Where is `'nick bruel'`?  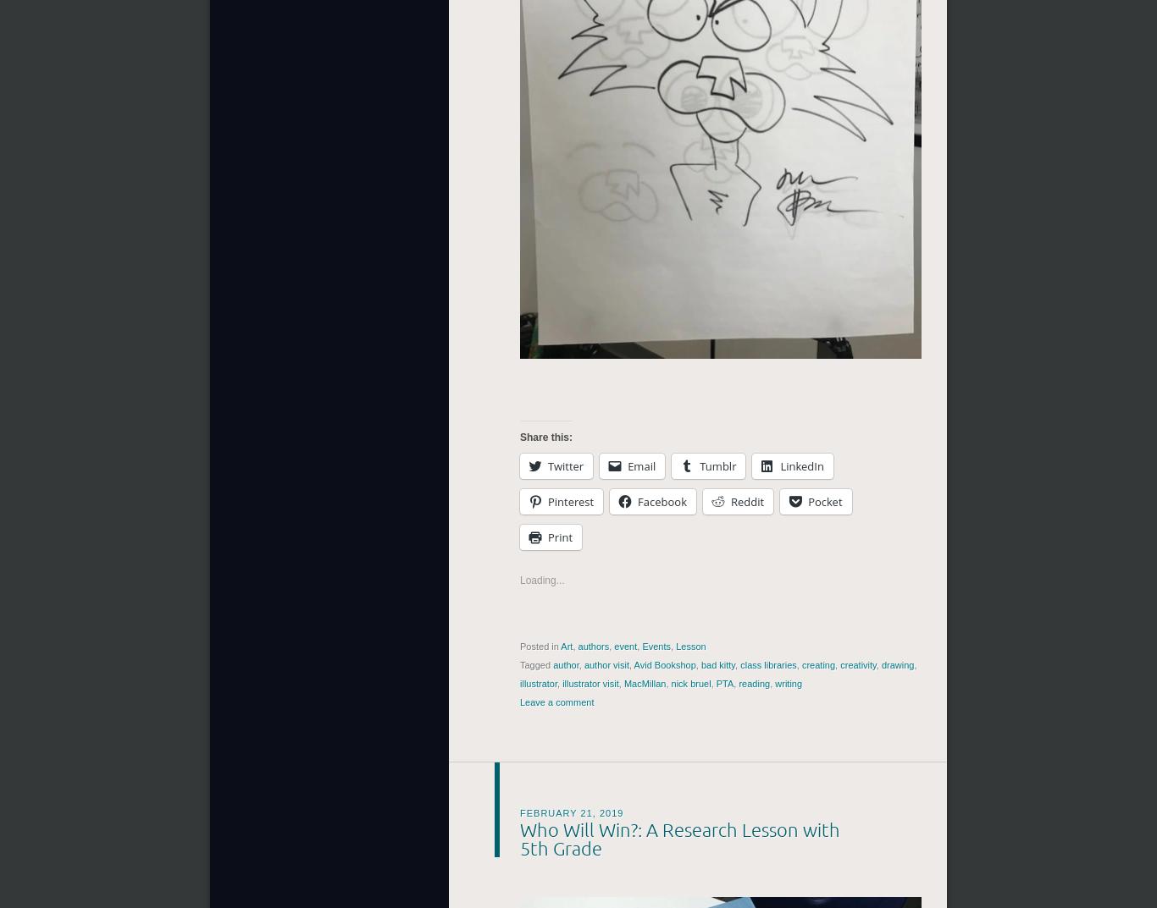
'nick bruel' is located at coordinates (689, 683).